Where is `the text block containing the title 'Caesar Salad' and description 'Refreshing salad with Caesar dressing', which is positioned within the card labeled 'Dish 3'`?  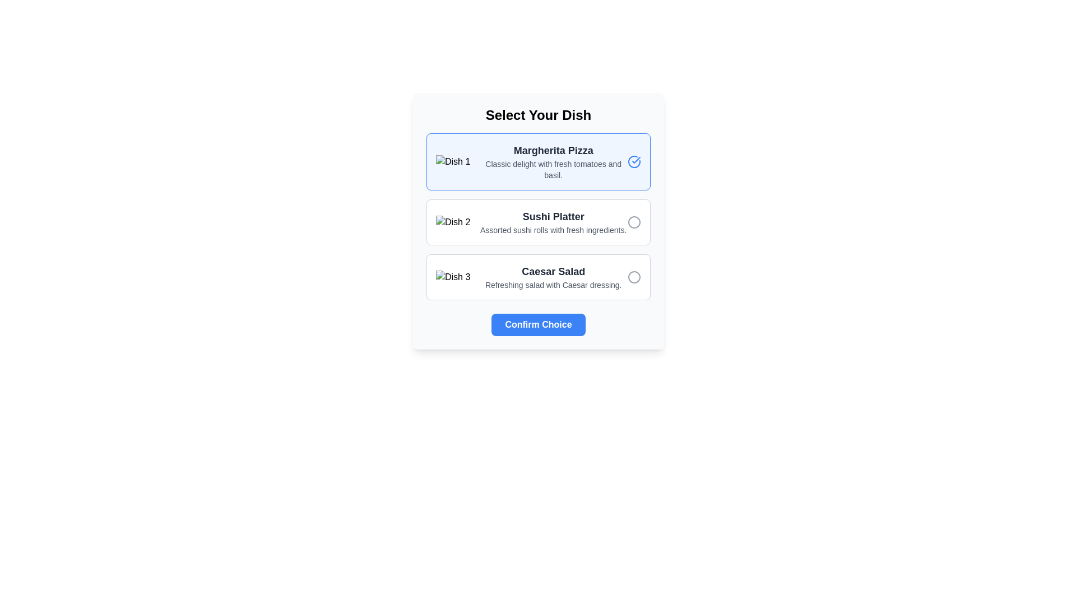 the text block containing the title 'Caesar Salad' and description 'Refreshing salad with Caesar dressing', which is positioned within the card labeled 'Dish 3' is located at coordinates (553, 277).